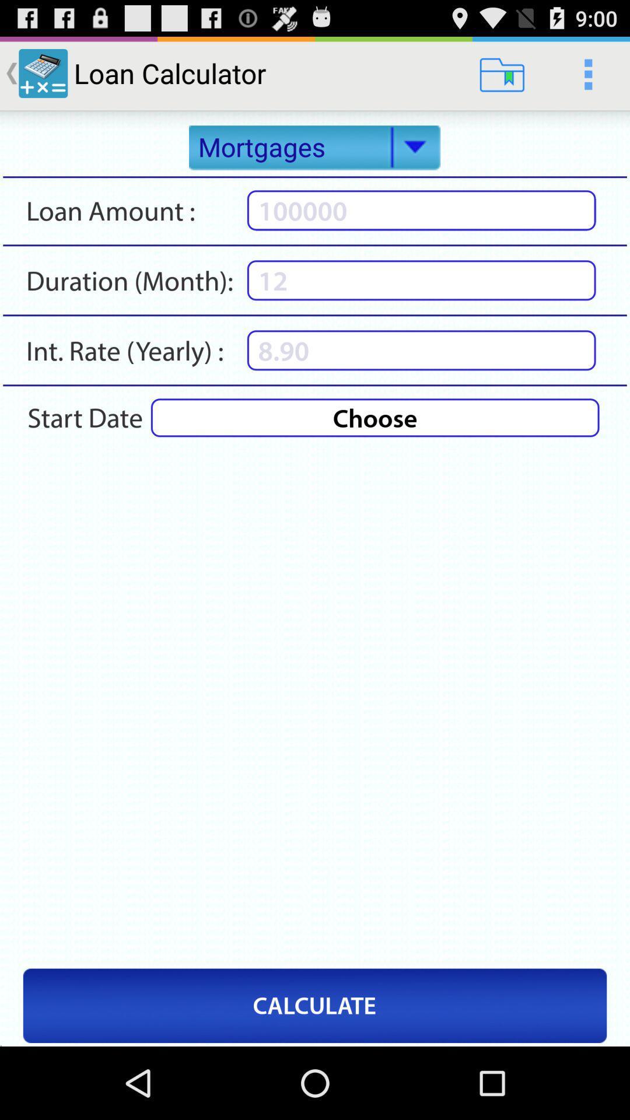 The image size is (630, 1120). What do you see at coordinates (421, 280) in the screenshot?
I see `input month duration` at bounding box center [421, 280].